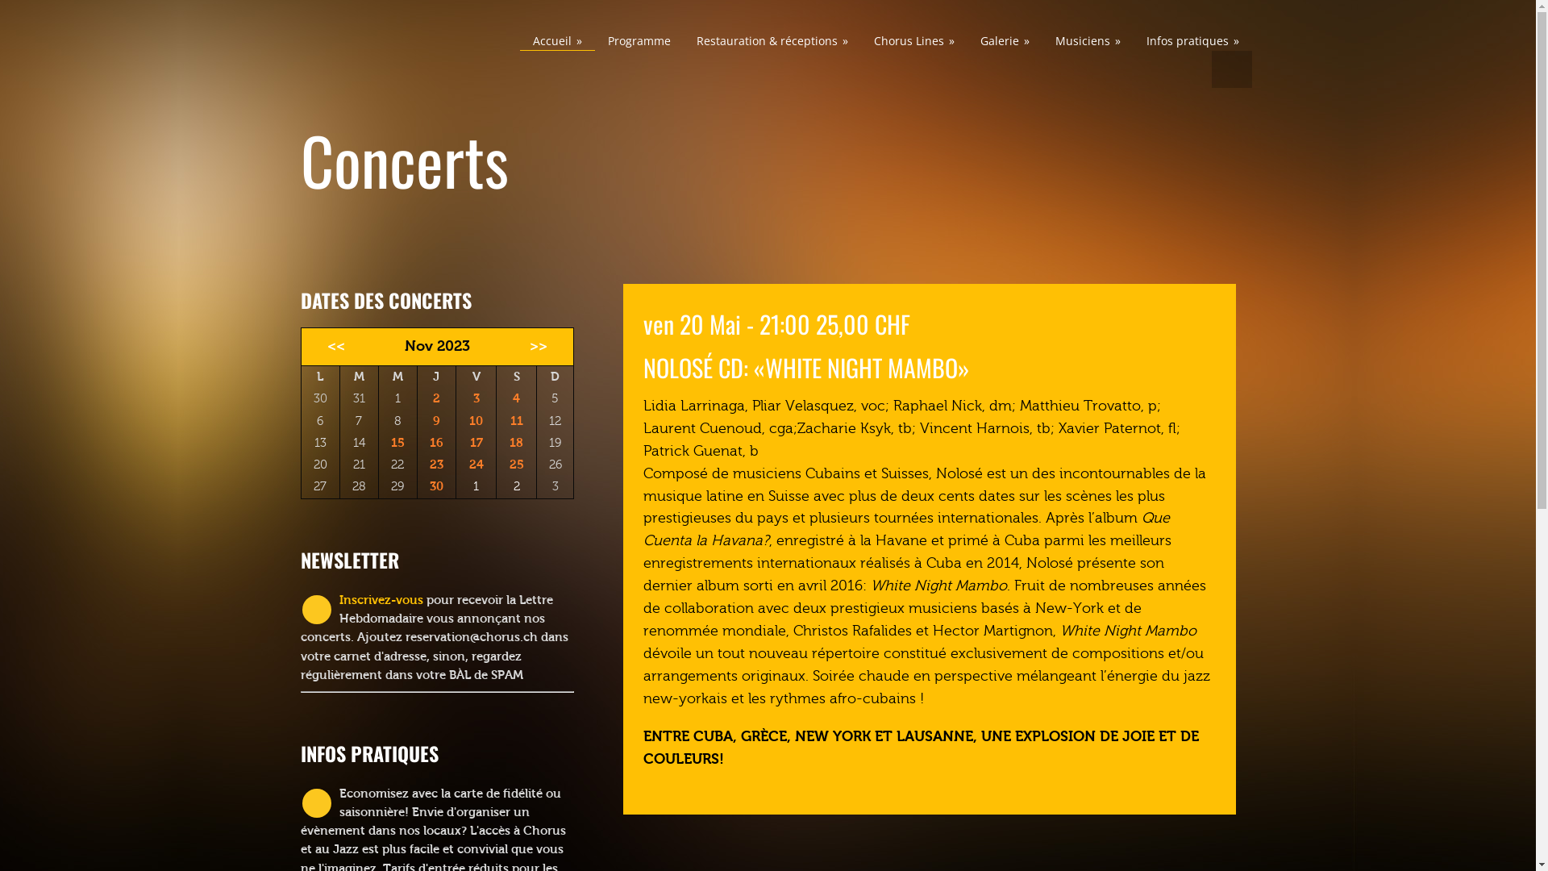  I want to click on '<<', so click(331, 345).